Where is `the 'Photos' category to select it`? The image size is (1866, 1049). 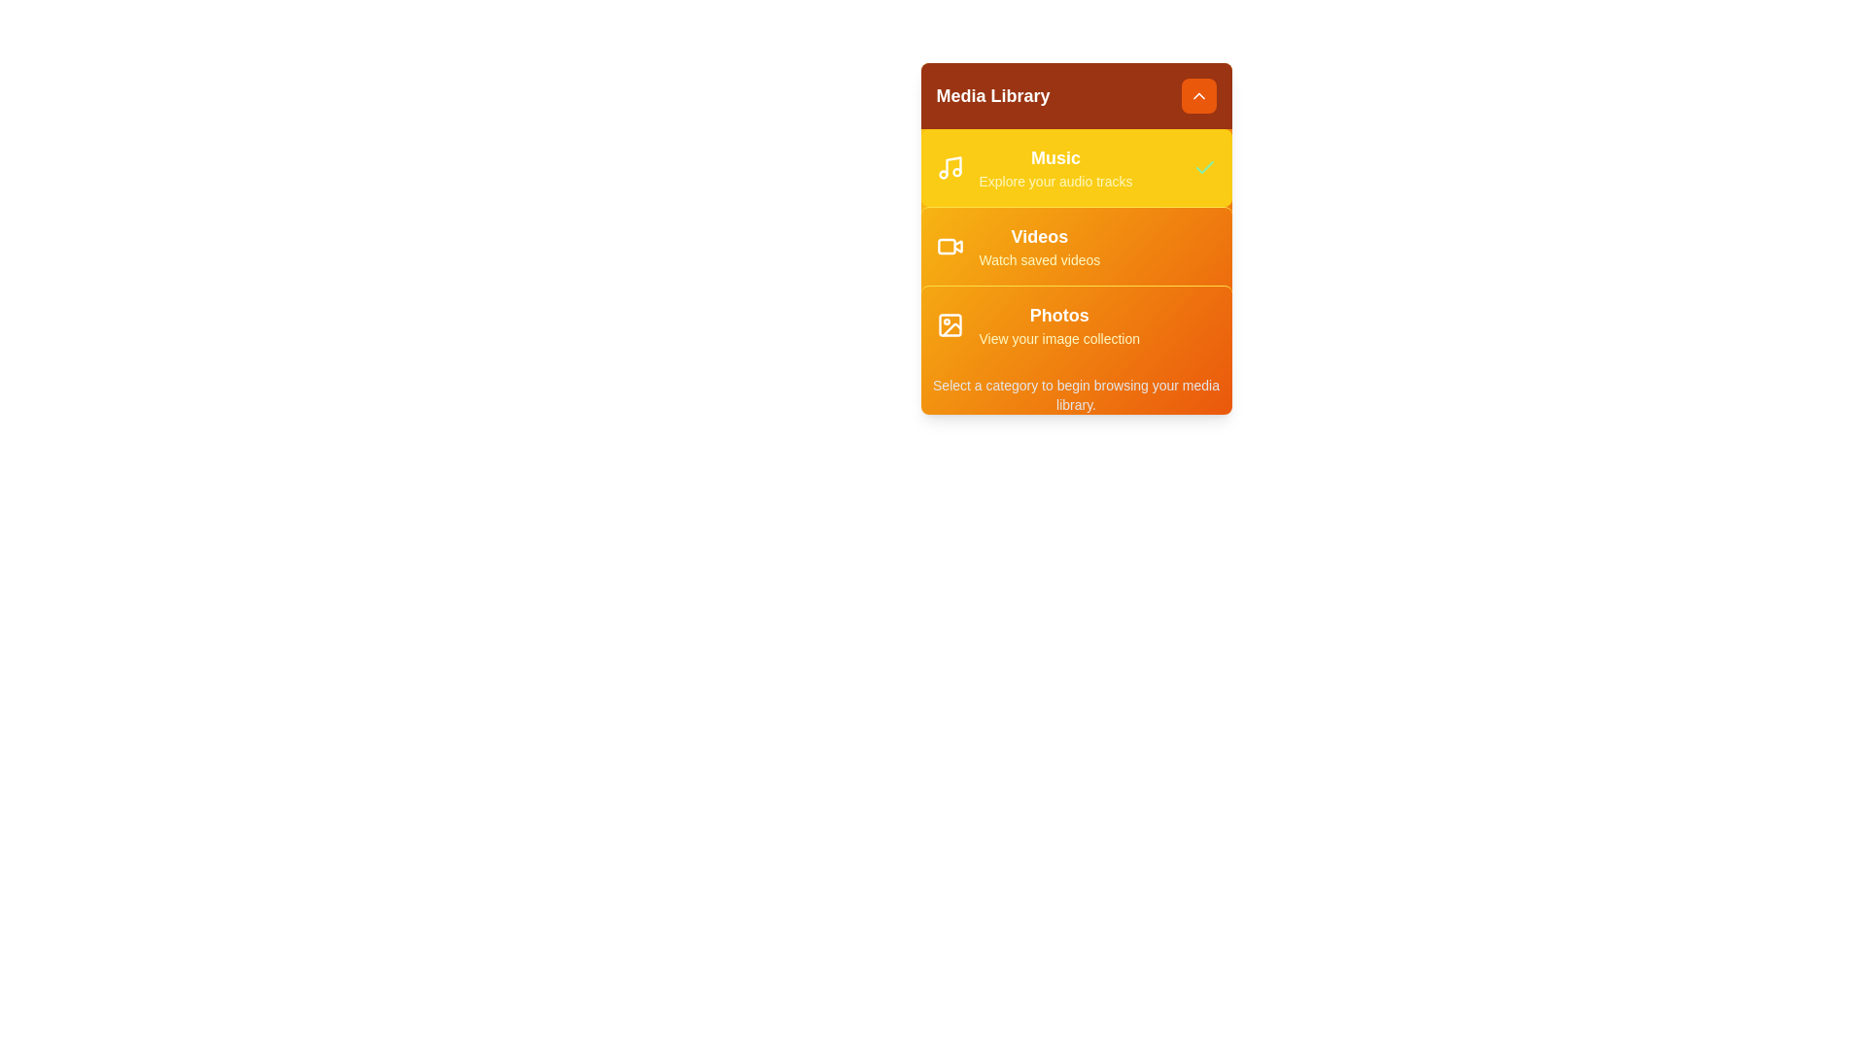
the 'Photos' category to select it is located at coordinates (1075, 323).